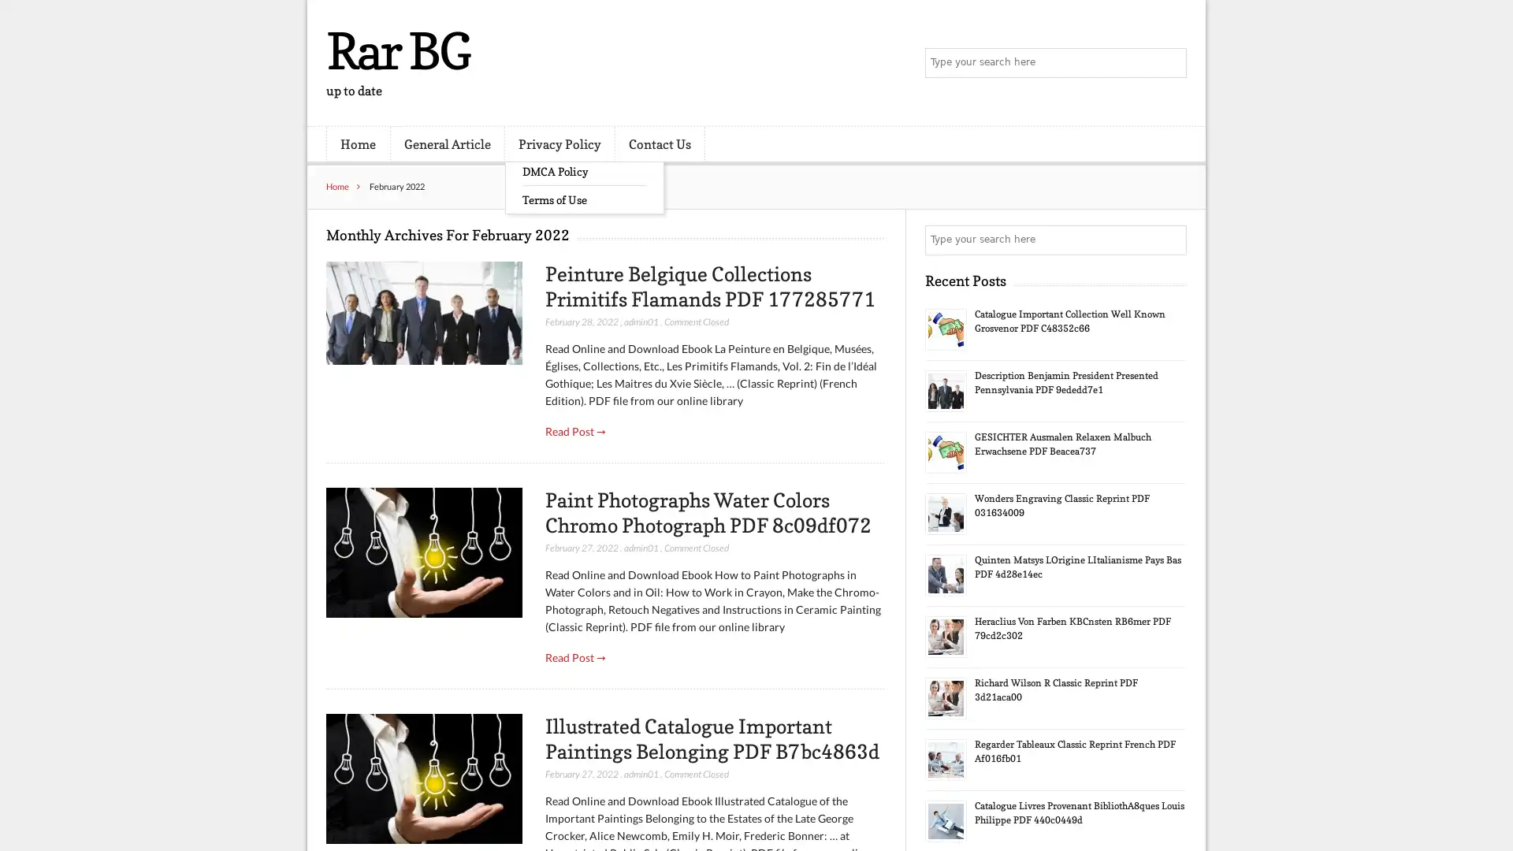 The image size is (1513, 851). What do you see at coordinates (1170, 63) in the screenshot?
I see `Search` at bounding box center [1170, 63].